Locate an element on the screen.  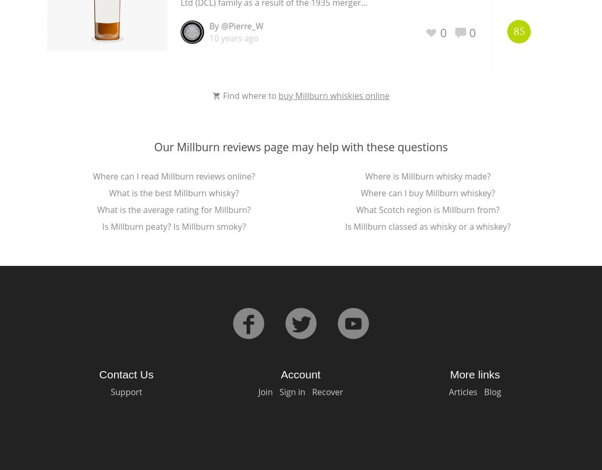
'By @Pierre_W' is located at coordinates (236, 26).